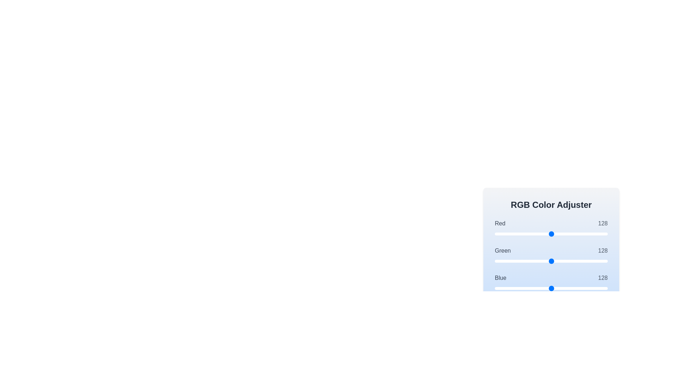  What do you see at coordinates (553, 234) in the screenshot?
I see `the red slider to 132 by dragging or clicking on the slider` at bounding box center [553, 234].